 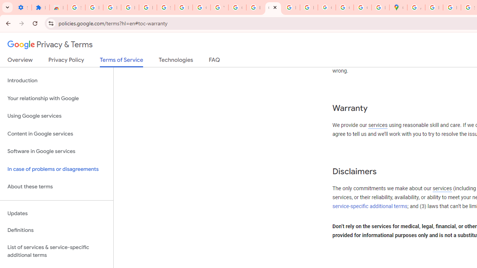 What do you see at coordinates (56, 116) in the screenshot?
I see `'Using Google services'` at bounding box center [56, 116].